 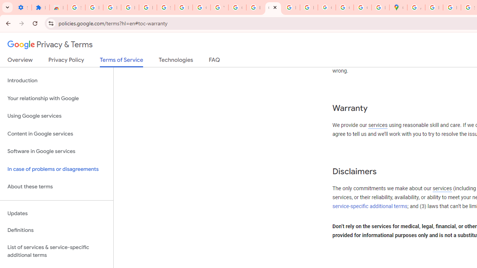 What do you see at coordinates (56, 116) in the screenshot?
I see `'Using Google services'` at bounding box center [56, 116].